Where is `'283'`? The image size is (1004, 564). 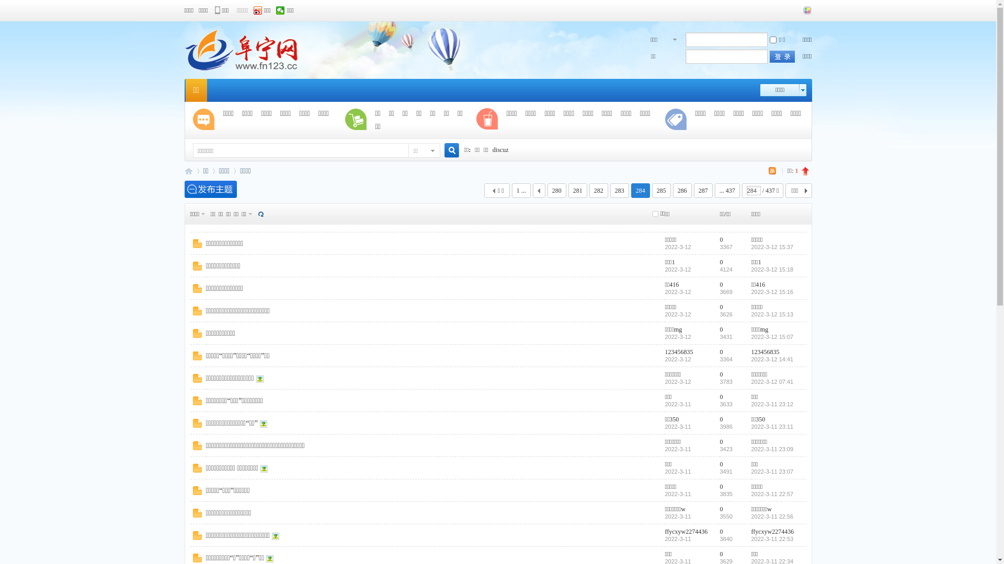
'283' is located at coordinates (620, 191).